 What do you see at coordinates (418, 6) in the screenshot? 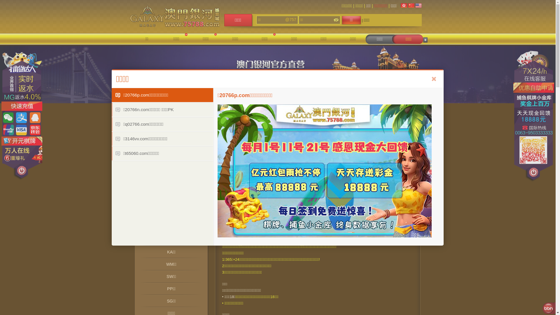
I see `'English'` at bounding box center [418, 6].